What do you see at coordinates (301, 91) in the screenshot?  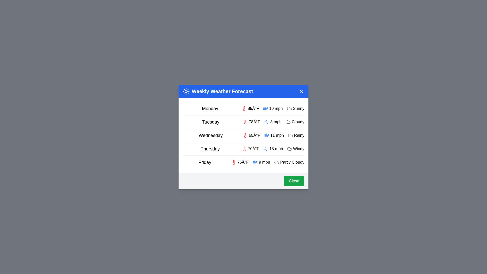 I see `the close button to close the dialog` at bounding box center [301, 91].